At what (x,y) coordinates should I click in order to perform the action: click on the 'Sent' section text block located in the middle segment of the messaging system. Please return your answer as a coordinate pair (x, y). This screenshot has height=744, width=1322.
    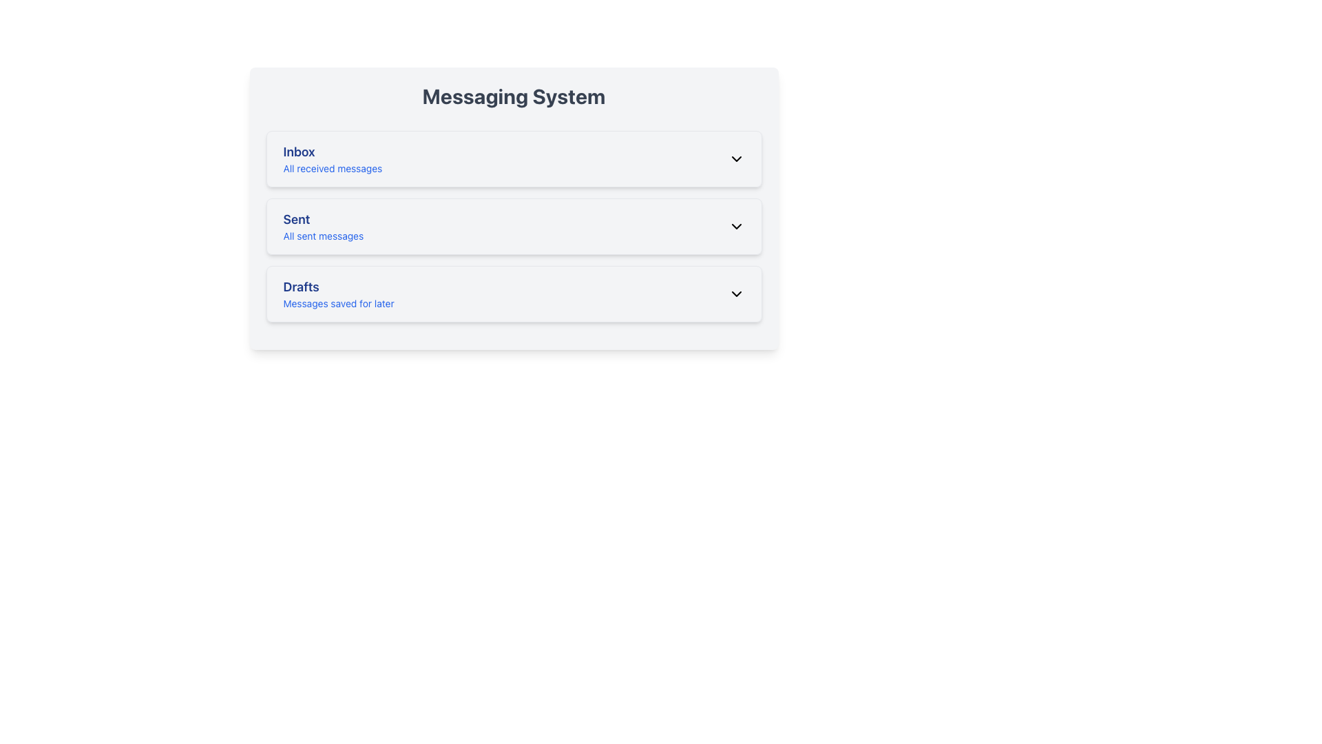
    Looking at the image, I should click on (322, 225).